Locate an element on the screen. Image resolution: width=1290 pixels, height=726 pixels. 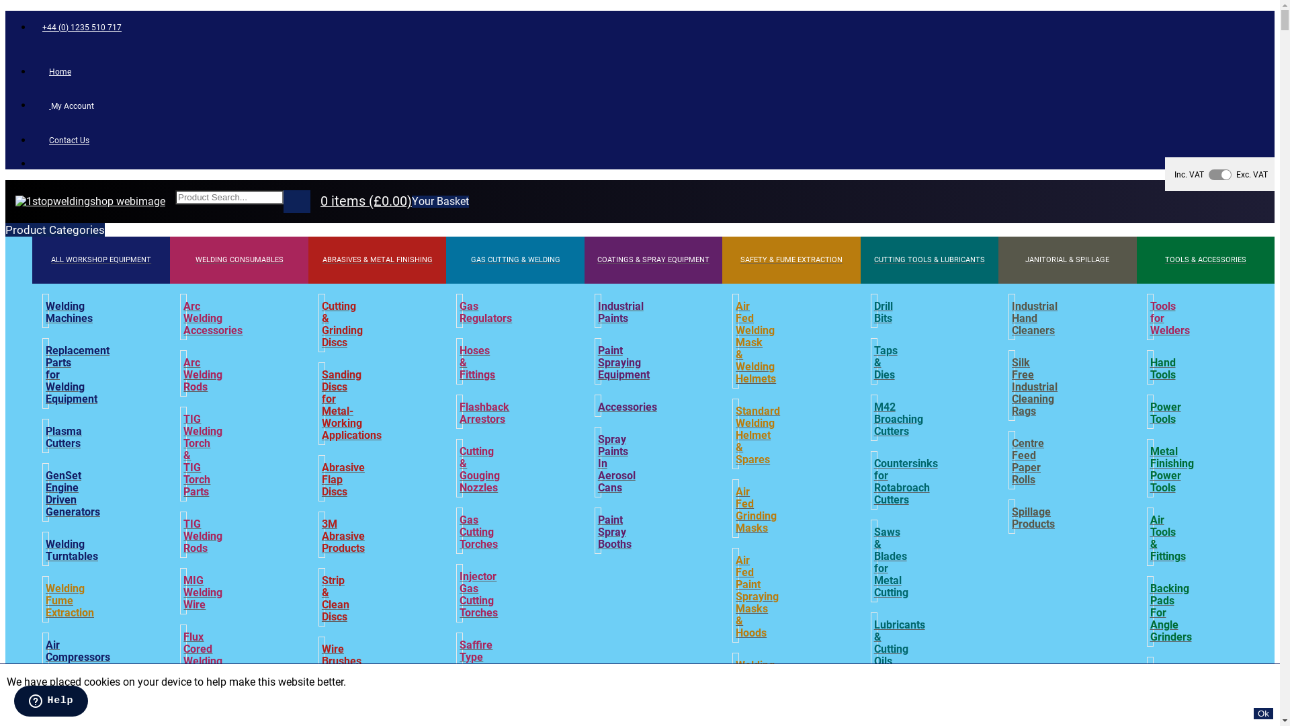
'Replacement Parts for Welding Equipment' is located at coordinates (45, 375).